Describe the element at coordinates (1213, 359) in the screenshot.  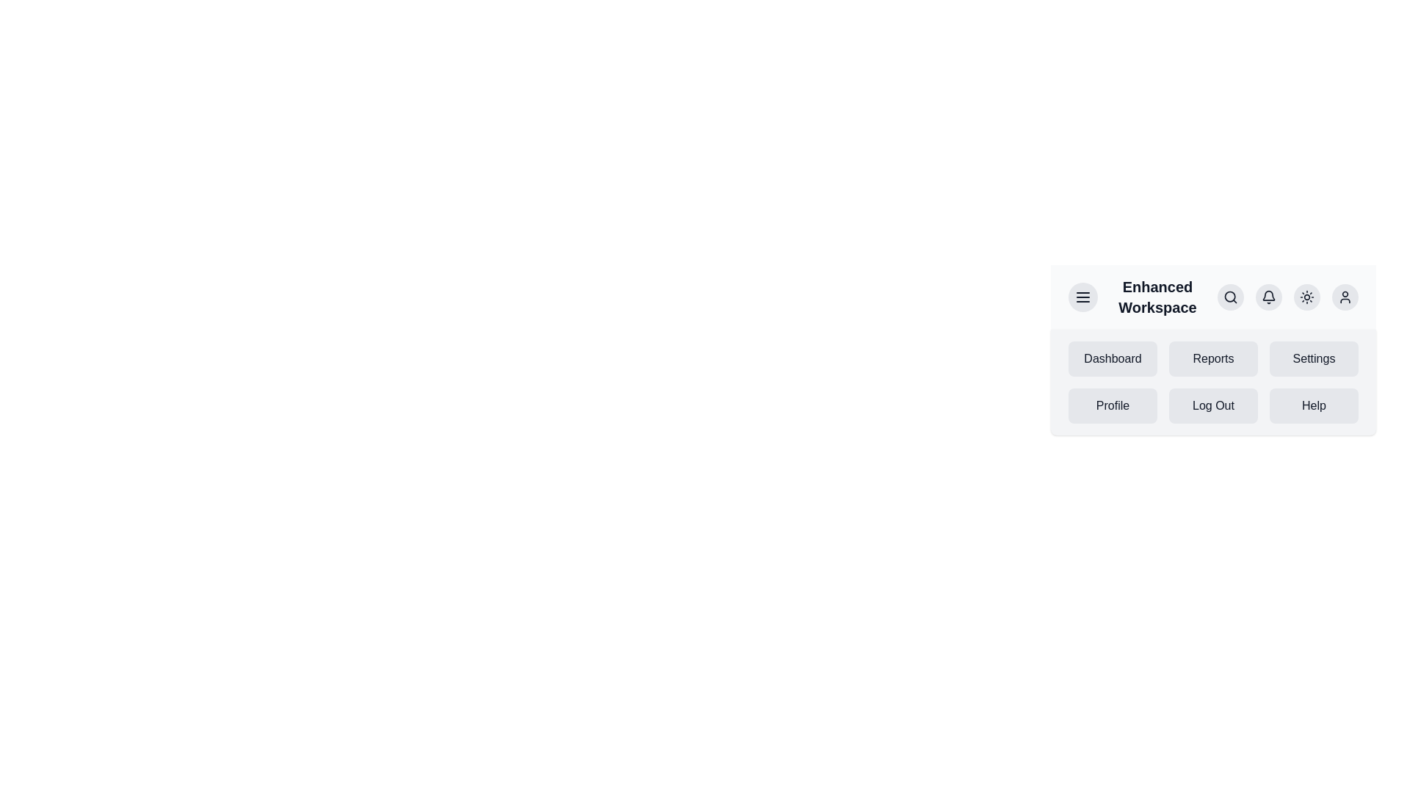
I see `the menu item Reports by clicking on it` at that location.